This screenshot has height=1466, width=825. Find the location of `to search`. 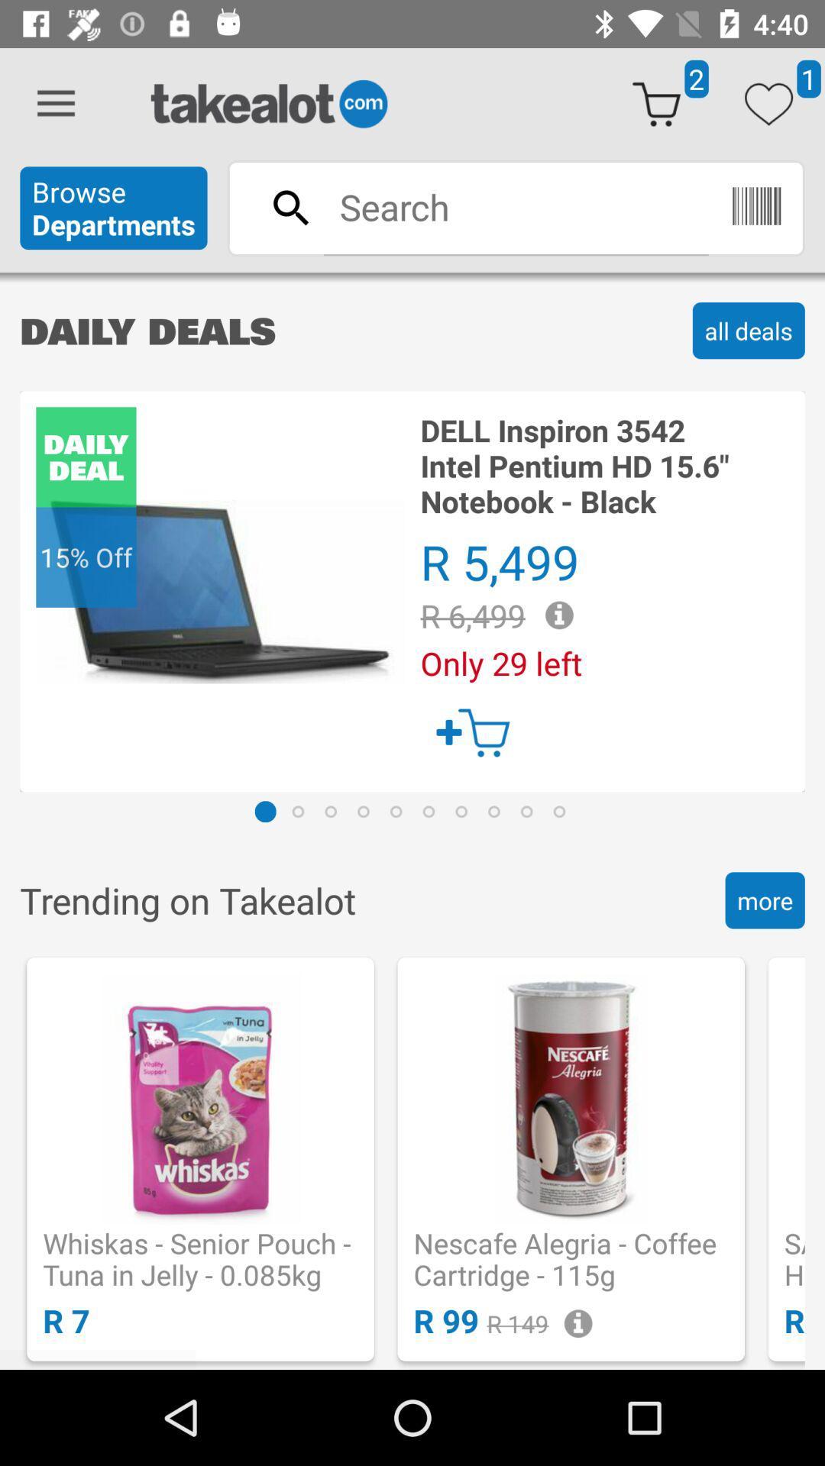

to search is located at coordinates (516, 206).